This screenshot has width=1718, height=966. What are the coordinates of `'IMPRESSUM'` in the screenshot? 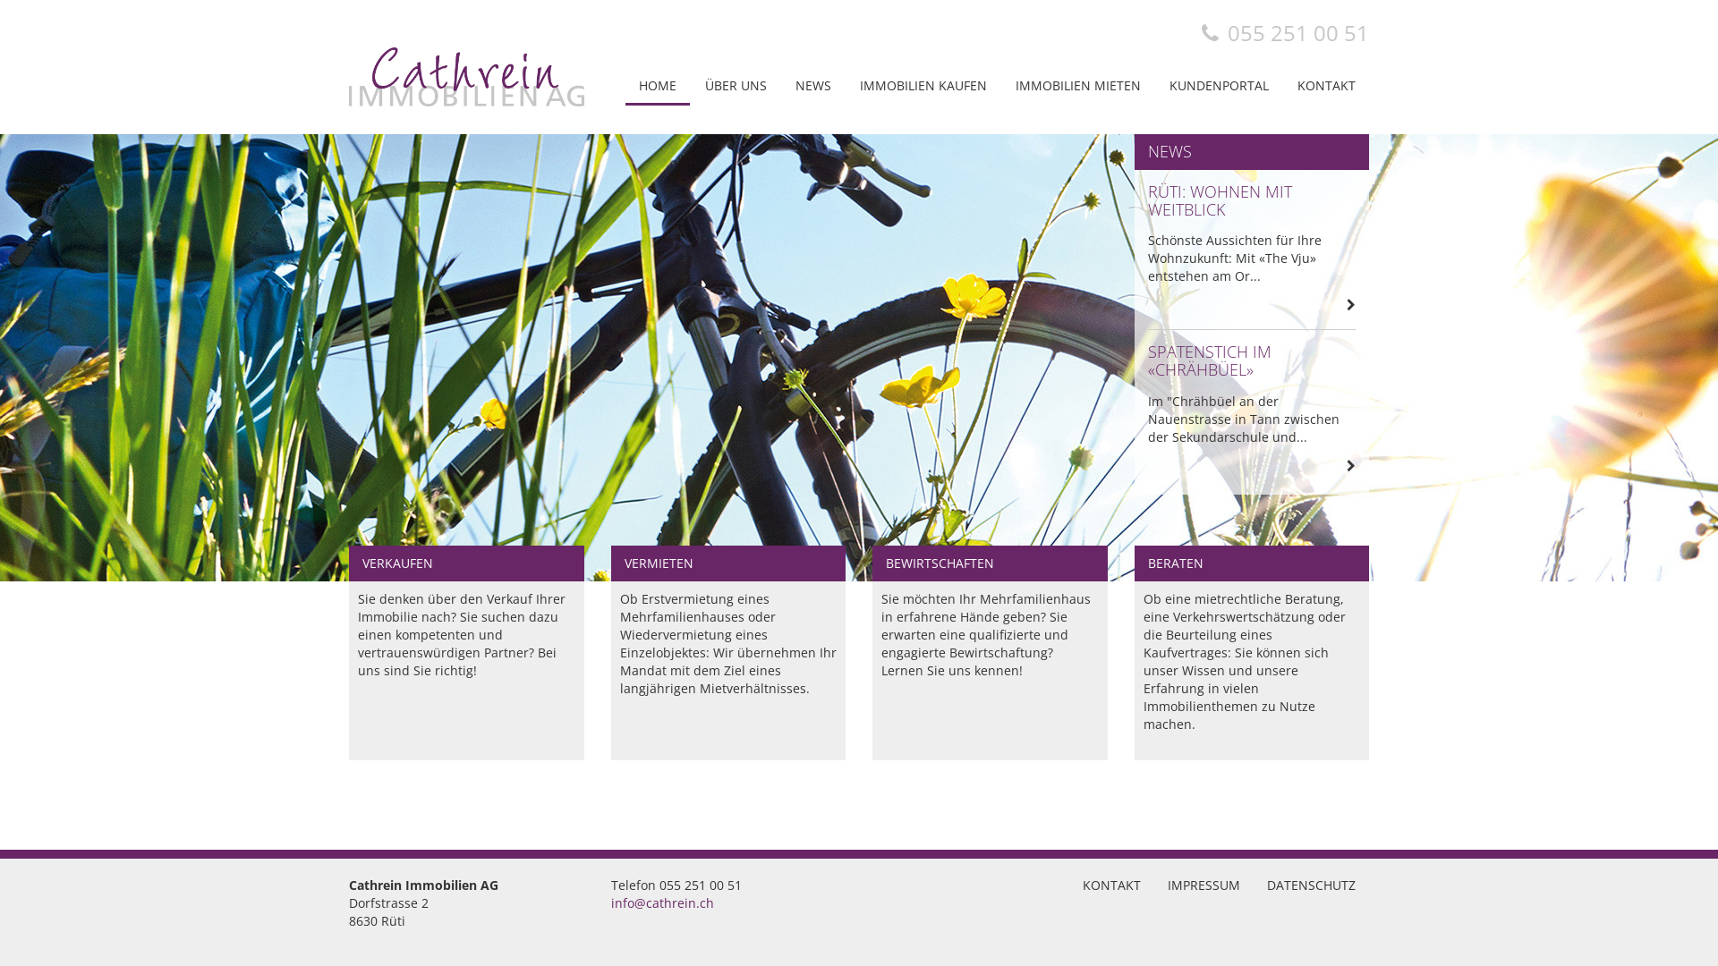 It's located at (1203, 885).